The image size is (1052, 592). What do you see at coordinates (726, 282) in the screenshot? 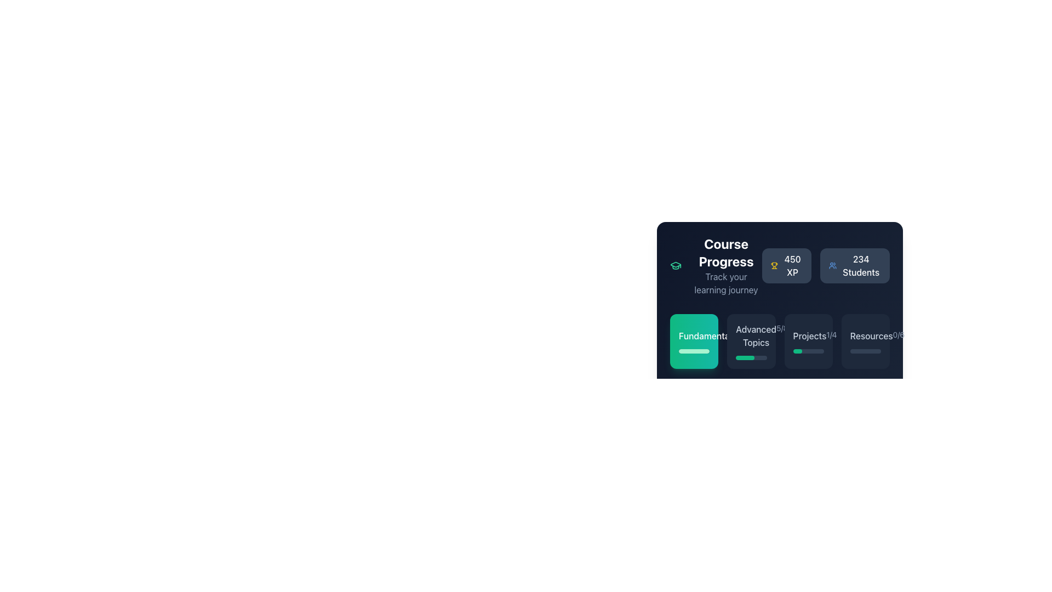
I see `the static text label that provides descriptive context to the heading 'Course Progress', which is positioned immediately below it` at bounding box center [726, 282].